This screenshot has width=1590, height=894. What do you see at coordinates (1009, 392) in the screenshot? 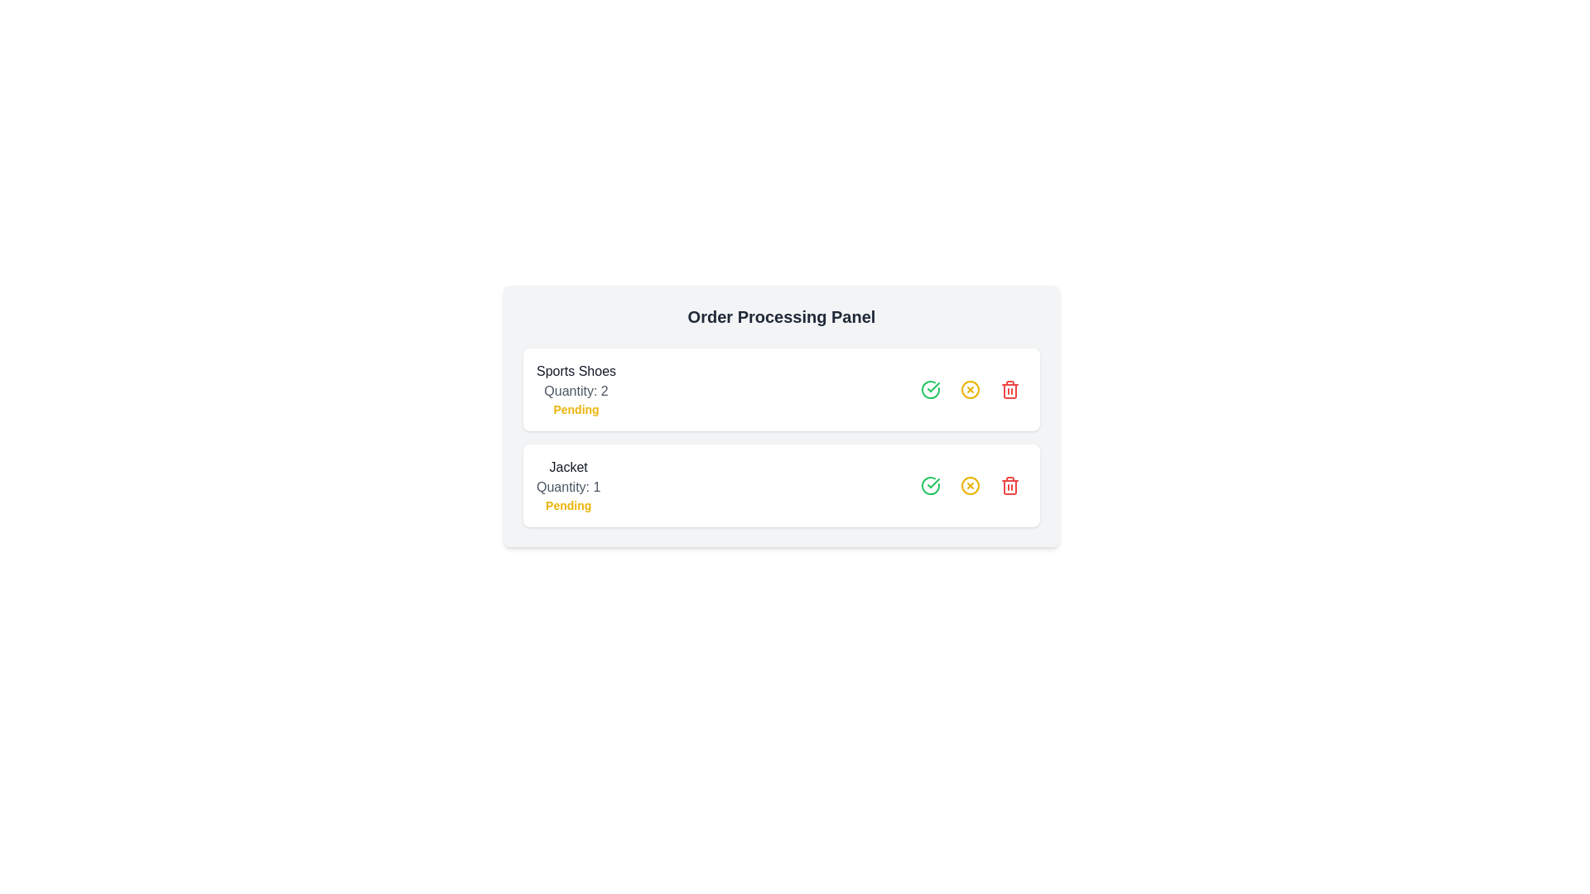
I see `the body of the trash bin icon, which is part of the SVG graphic located in the bottom-right corner of the second item card` at bounding box center [1009, 392].